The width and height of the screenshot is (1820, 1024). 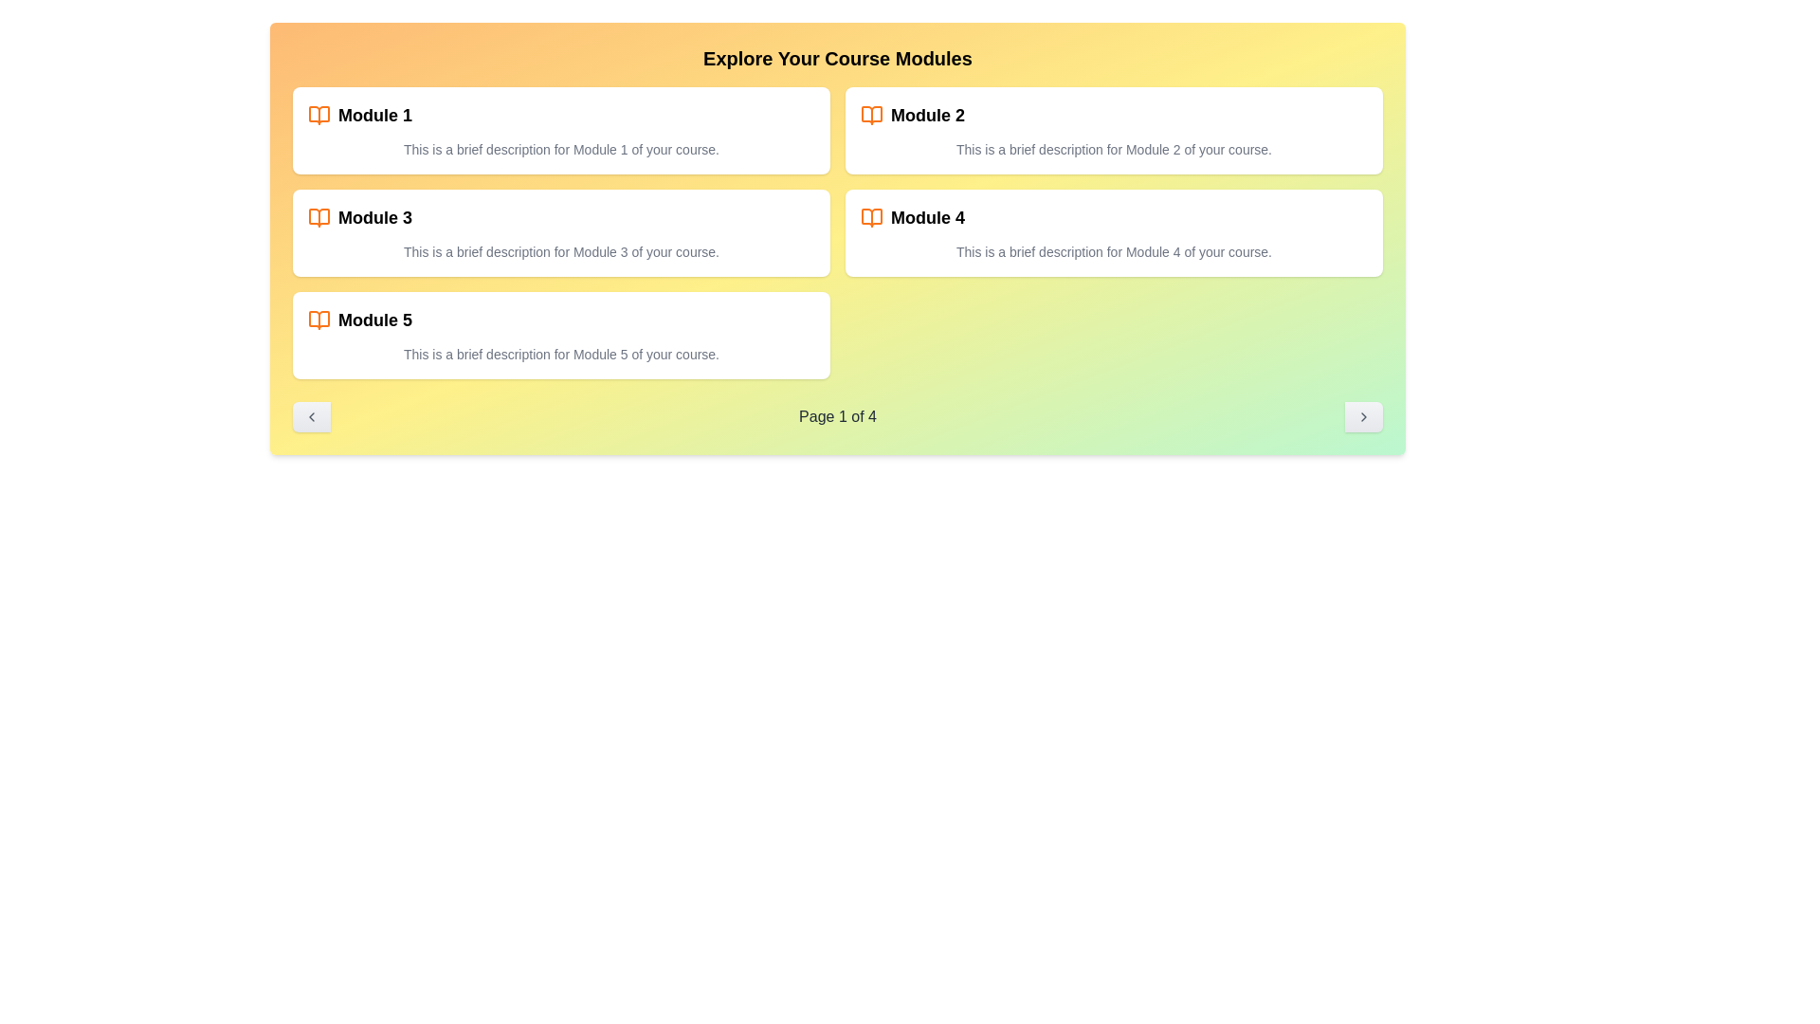 I want to click on the second module title text, which is part of a grid layout and positioned adjacent to a descriptive text with an orange book icon on its left, so click(x=928, y=116).